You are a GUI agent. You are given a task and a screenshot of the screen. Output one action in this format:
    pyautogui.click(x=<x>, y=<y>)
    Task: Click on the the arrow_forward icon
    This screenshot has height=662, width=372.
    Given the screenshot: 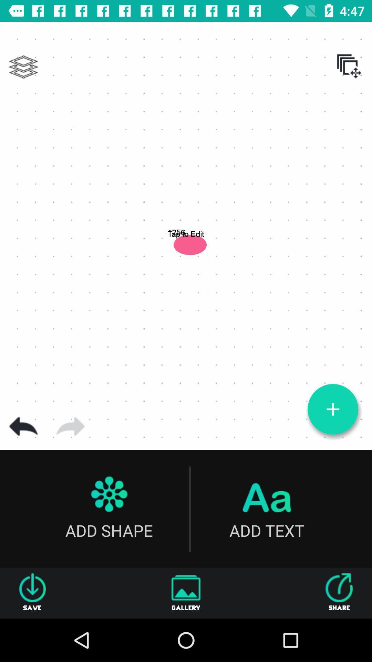 What is the action you would take?
    pyautogui.click(x=70, y=426)
    